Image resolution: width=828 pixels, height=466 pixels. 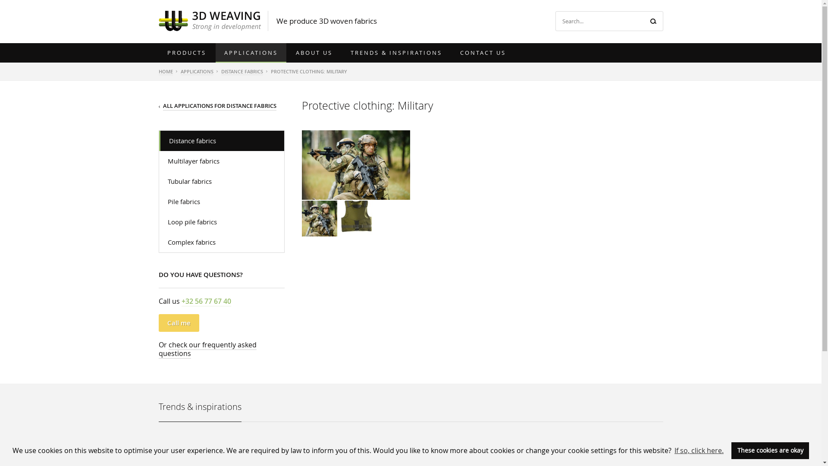 What do you see at coordinates (186, 53) in the screenshot?
I see `'PRODUCTS'` at bounding box center [186, 53].